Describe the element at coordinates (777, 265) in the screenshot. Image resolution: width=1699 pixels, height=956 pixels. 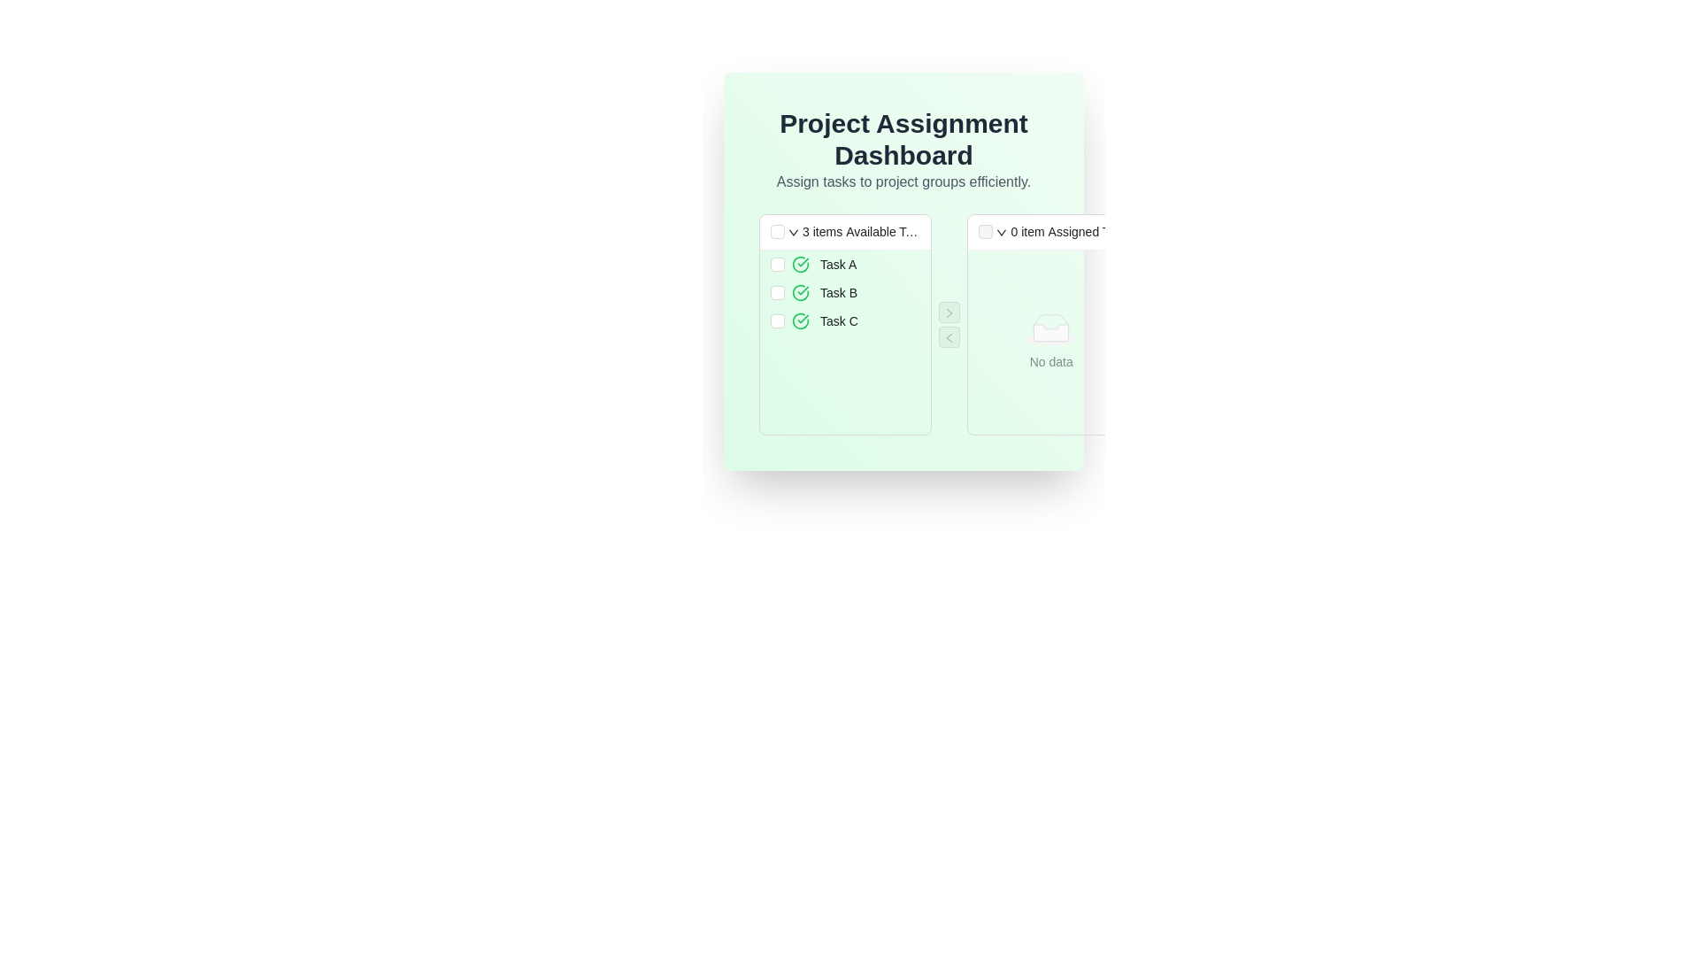
I see `the checkbox located` at that location.